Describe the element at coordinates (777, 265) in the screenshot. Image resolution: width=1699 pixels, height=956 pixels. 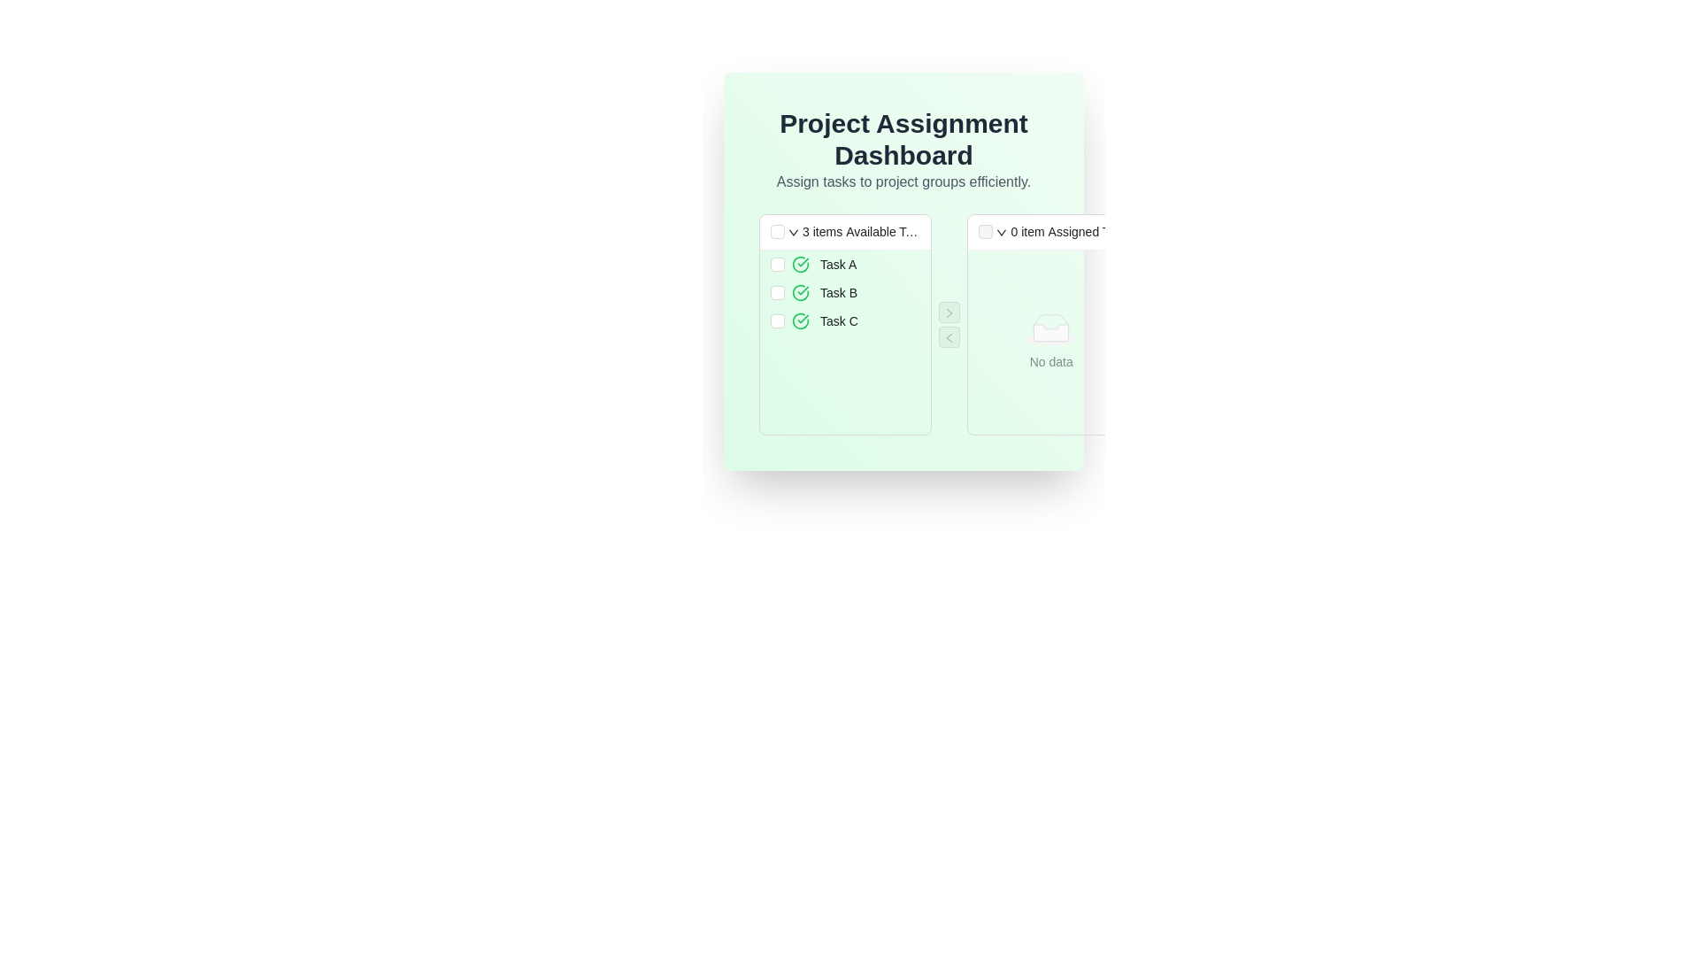
I see `the checkbox located` at that location.